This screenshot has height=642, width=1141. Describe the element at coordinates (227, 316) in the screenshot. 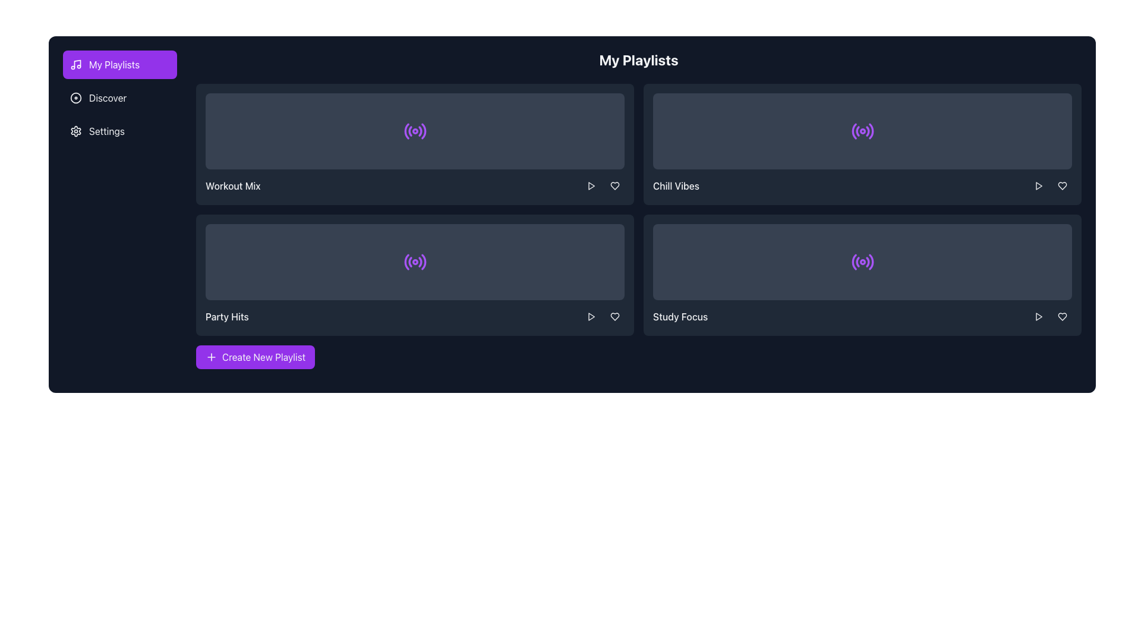

I see `the non-interactive text label displaying the playlist name 'Party Hits' located in the second row and first column of the grid` at that location.